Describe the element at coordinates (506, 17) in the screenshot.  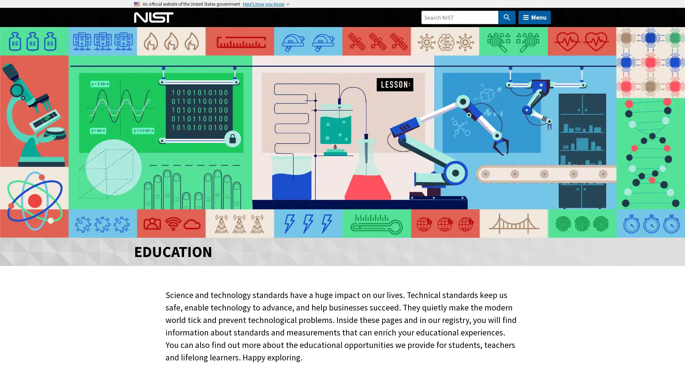
I see `Search` at that location.